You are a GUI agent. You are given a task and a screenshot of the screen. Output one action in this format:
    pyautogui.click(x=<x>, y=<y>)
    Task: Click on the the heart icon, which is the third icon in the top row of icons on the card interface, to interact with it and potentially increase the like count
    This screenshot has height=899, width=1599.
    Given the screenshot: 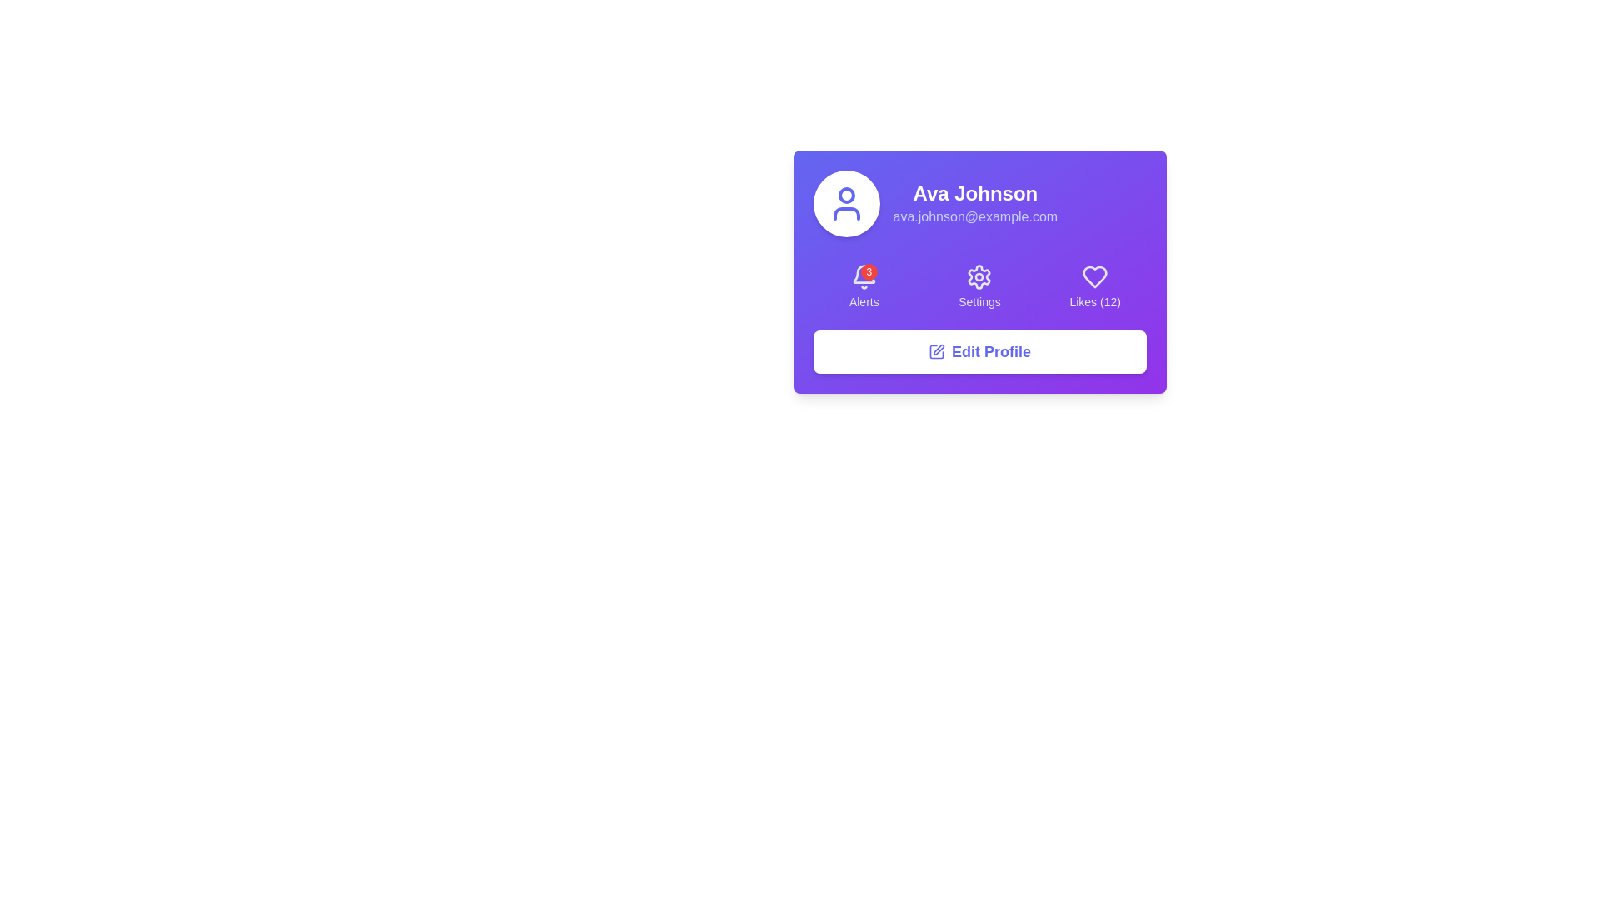 What is the action you would take?
    pyautogui.click(x=1095, y=276)
    